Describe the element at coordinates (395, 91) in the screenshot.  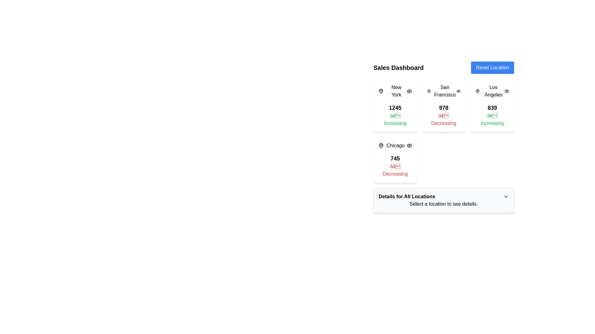
I see `the icon associated with the 'New York' text label located at the top left of the card showing '1245 Increasing'` at that location.